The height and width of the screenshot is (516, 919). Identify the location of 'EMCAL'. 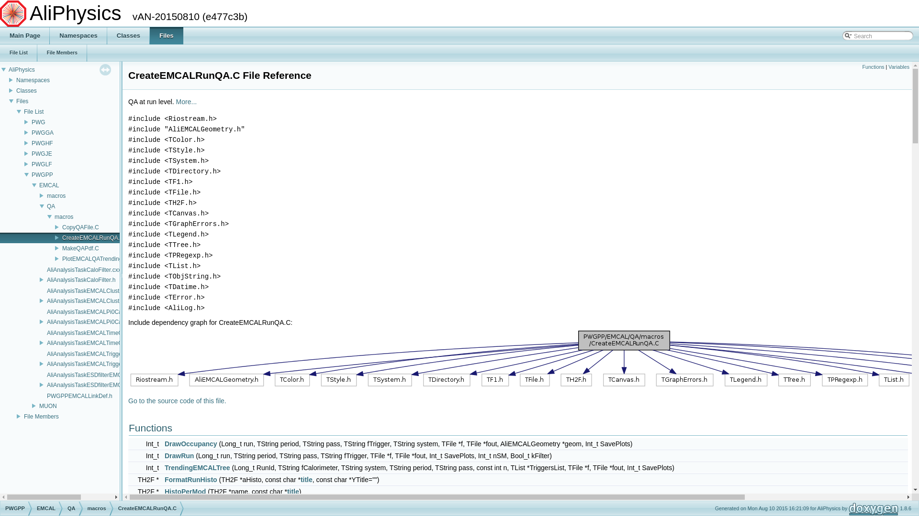
(48, 185).